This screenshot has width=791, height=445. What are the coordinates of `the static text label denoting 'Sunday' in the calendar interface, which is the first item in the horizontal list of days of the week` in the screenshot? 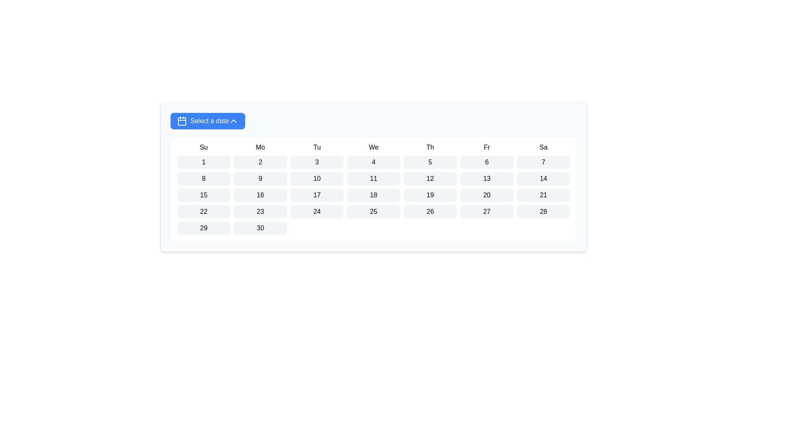 It's located at (204, 147).